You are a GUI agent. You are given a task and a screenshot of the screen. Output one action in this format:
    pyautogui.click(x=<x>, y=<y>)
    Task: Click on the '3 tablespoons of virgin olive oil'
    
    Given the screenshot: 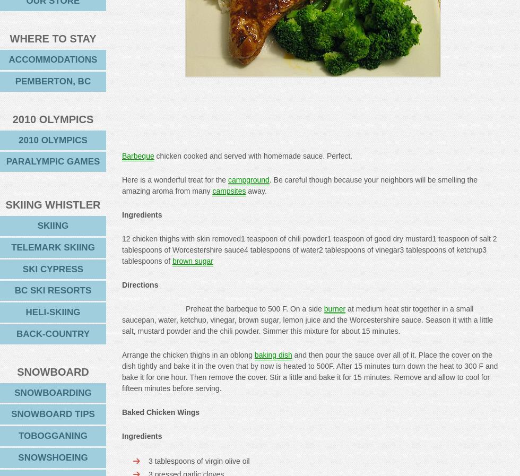 What is the action you would take?
    pyautogui.click(x=199, y=461)
    